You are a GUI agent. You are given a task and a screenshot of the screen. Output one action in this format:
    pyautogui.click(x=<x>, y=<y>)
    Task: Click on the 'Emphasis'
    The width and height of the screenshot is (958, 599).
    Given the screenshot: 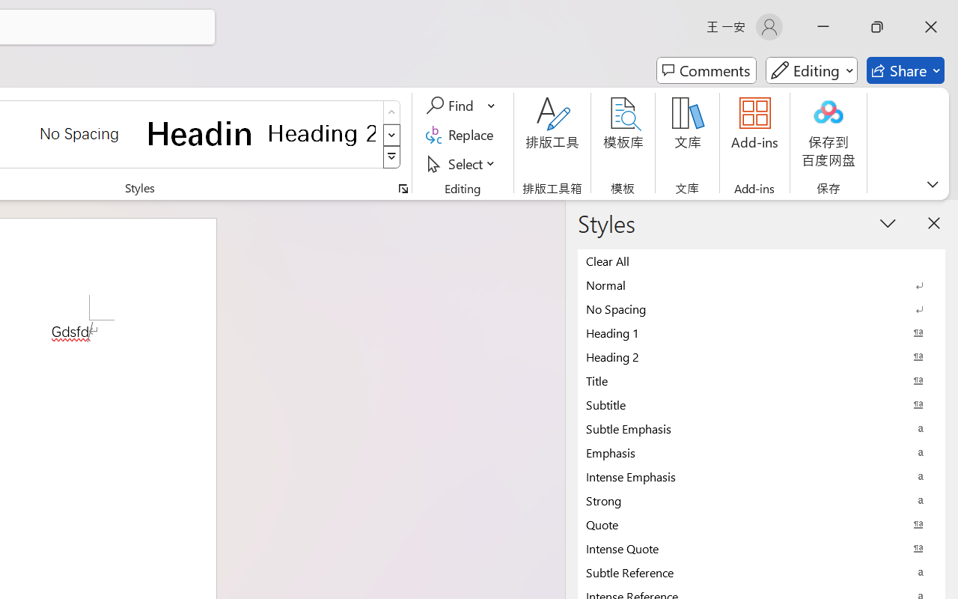 What is the action you would take?
    pyautogui.click(x=761, y=452)
    